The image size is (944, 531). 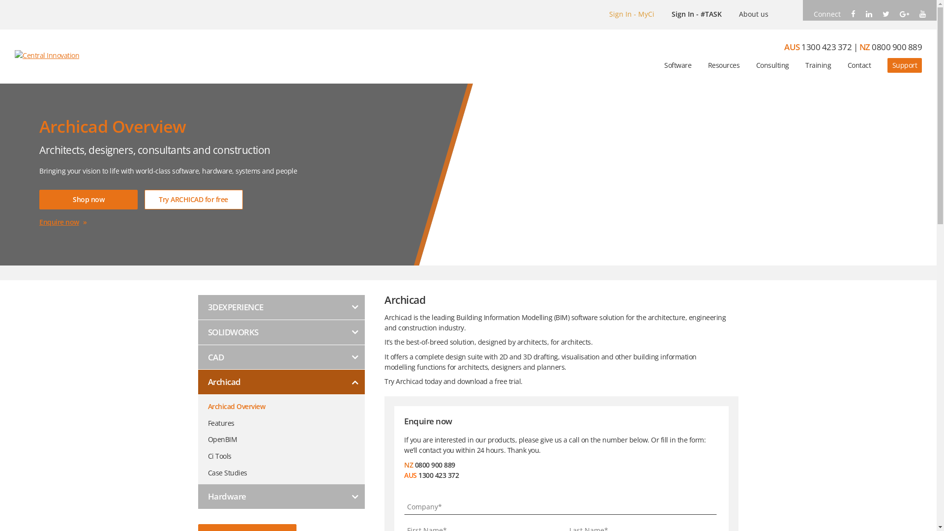 I want to click on 'Hardware', so click(x=280, y=497).